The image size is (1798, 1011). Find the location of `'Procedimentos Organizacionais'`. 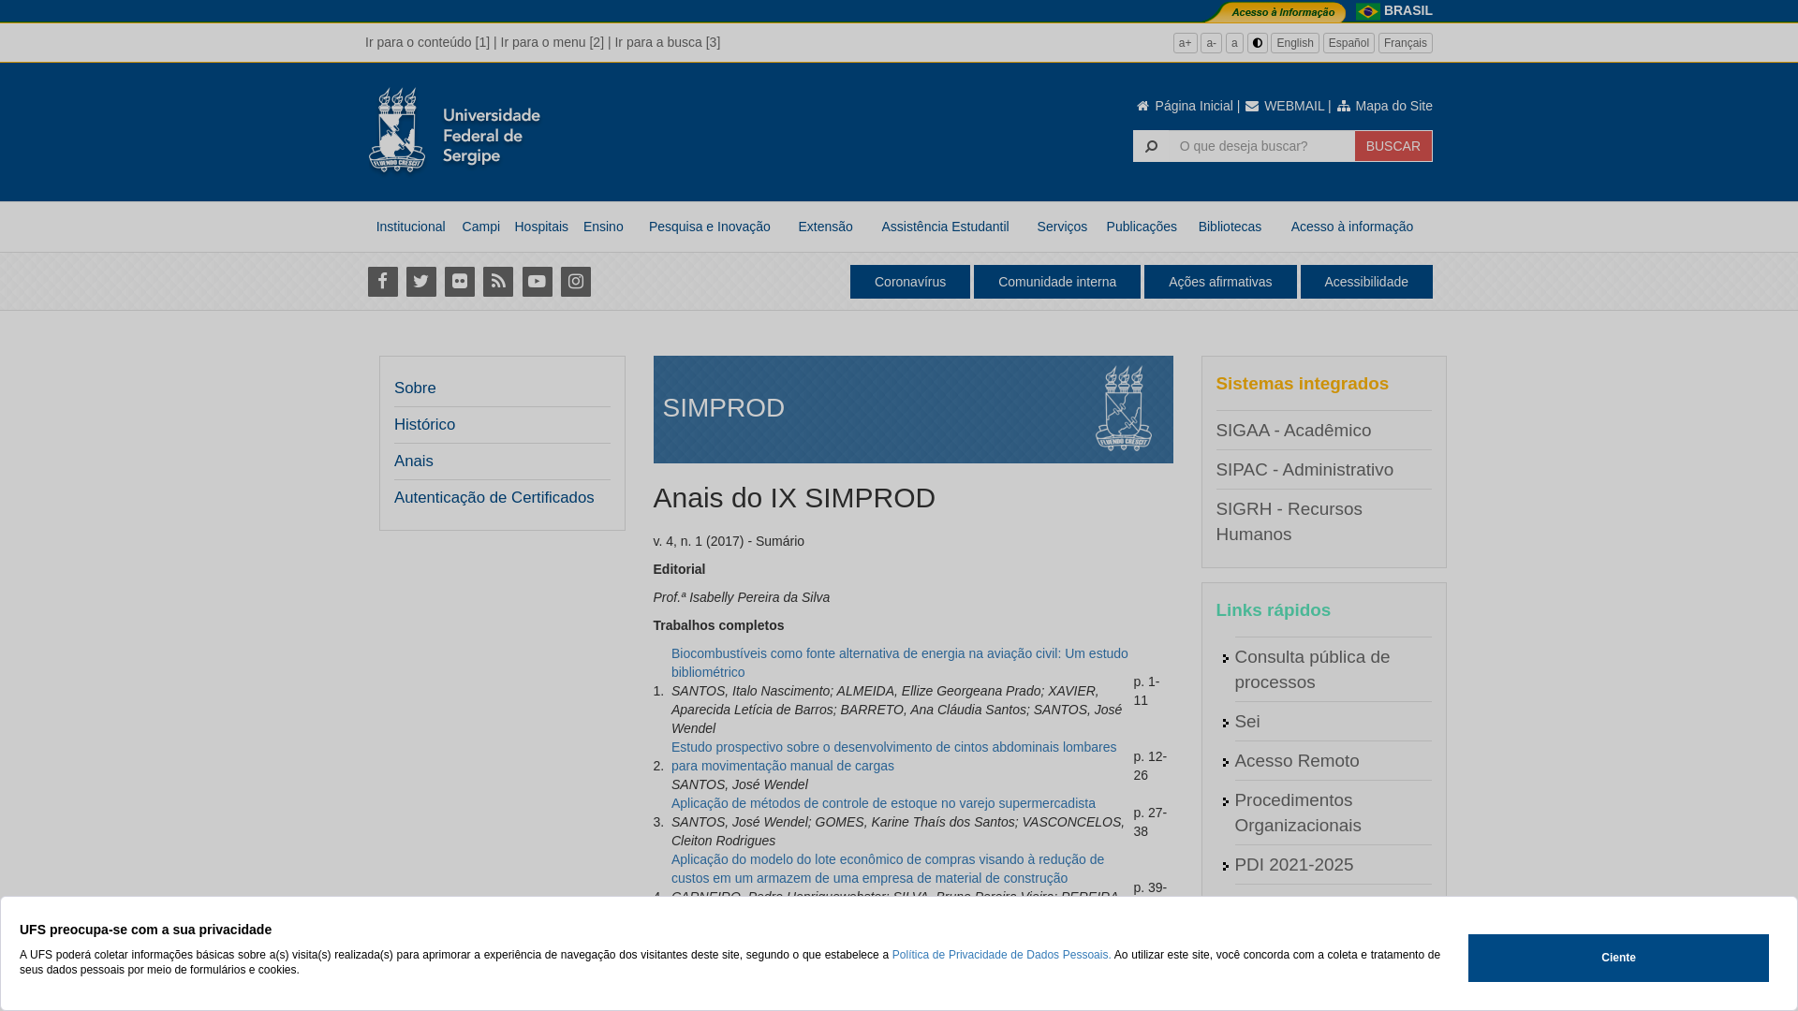

'Procedimentos Organizacionais' is located at coordinates (1296, 811).